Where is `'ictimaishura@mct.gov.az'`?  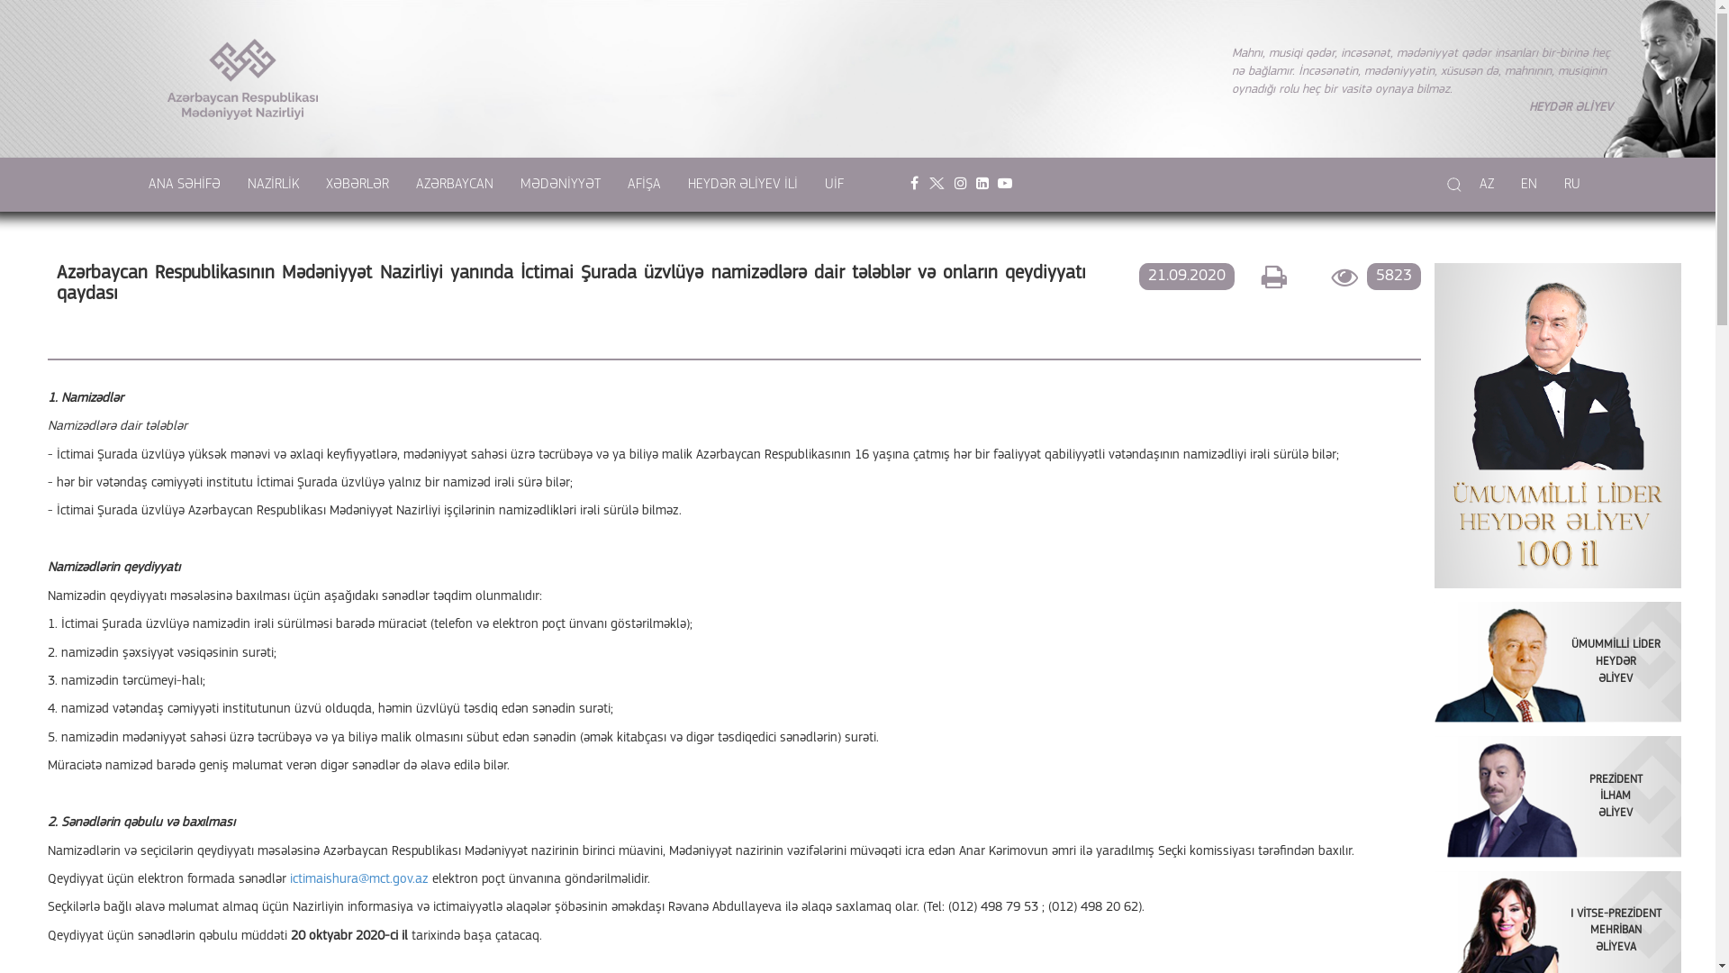
'ictimaishura@mct.gov.az' is located at coordinates (358, 878).